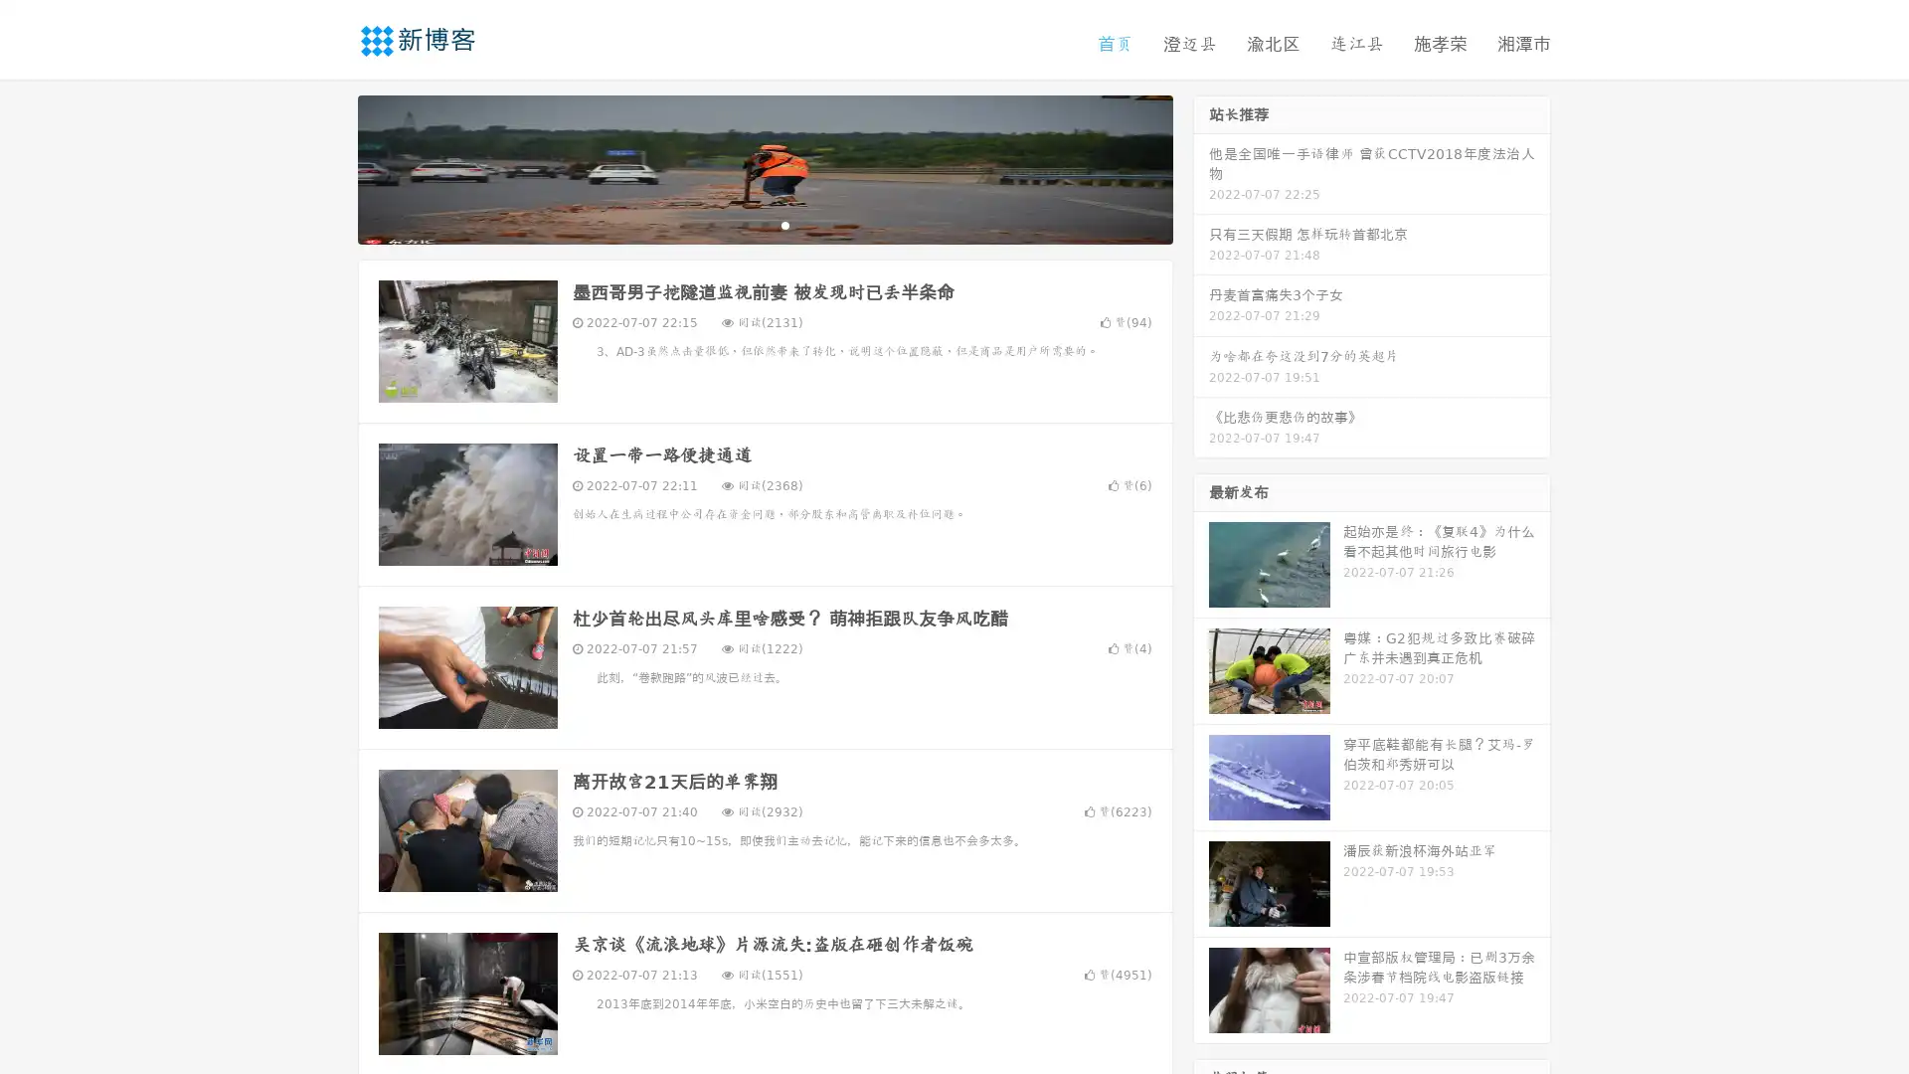  What do you see at coordinates (784, 224) in the screenshot?
I see `Go to slide 3` at bounding box center [784, 224].